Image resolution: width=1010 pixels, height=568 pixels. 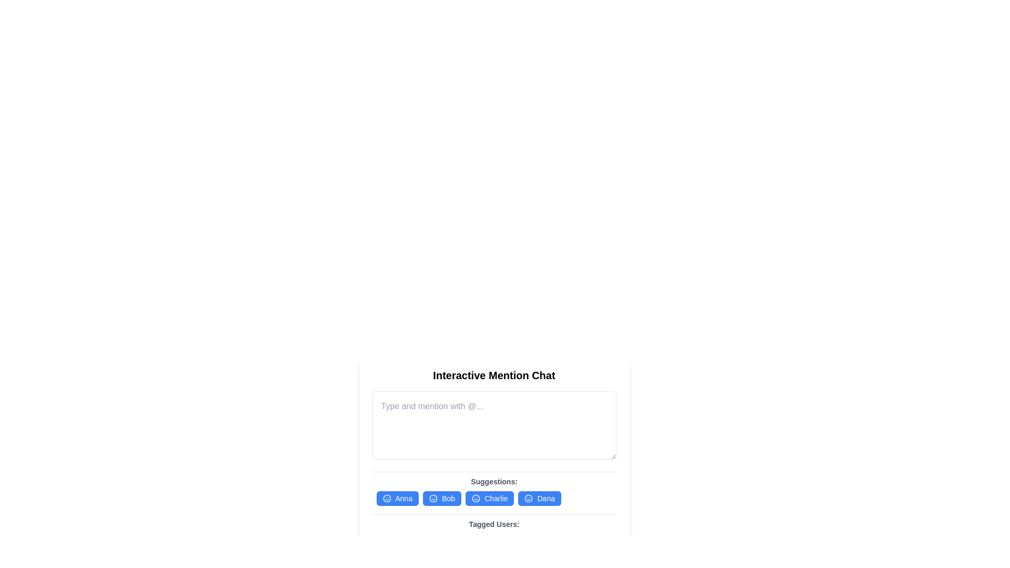 What do you see at coordinates (493, 498) in the screenshot?
I see `the user suggestion button labeled 'Charlie'` at bounding box center [493, 498].